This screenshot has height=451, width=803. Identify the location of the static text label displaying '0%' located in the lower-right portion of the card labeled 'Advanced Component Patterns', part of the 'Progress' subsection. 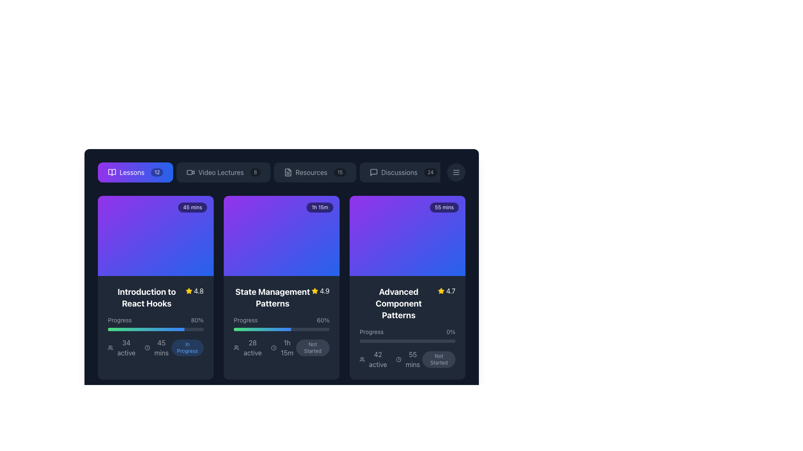
(450, 331).